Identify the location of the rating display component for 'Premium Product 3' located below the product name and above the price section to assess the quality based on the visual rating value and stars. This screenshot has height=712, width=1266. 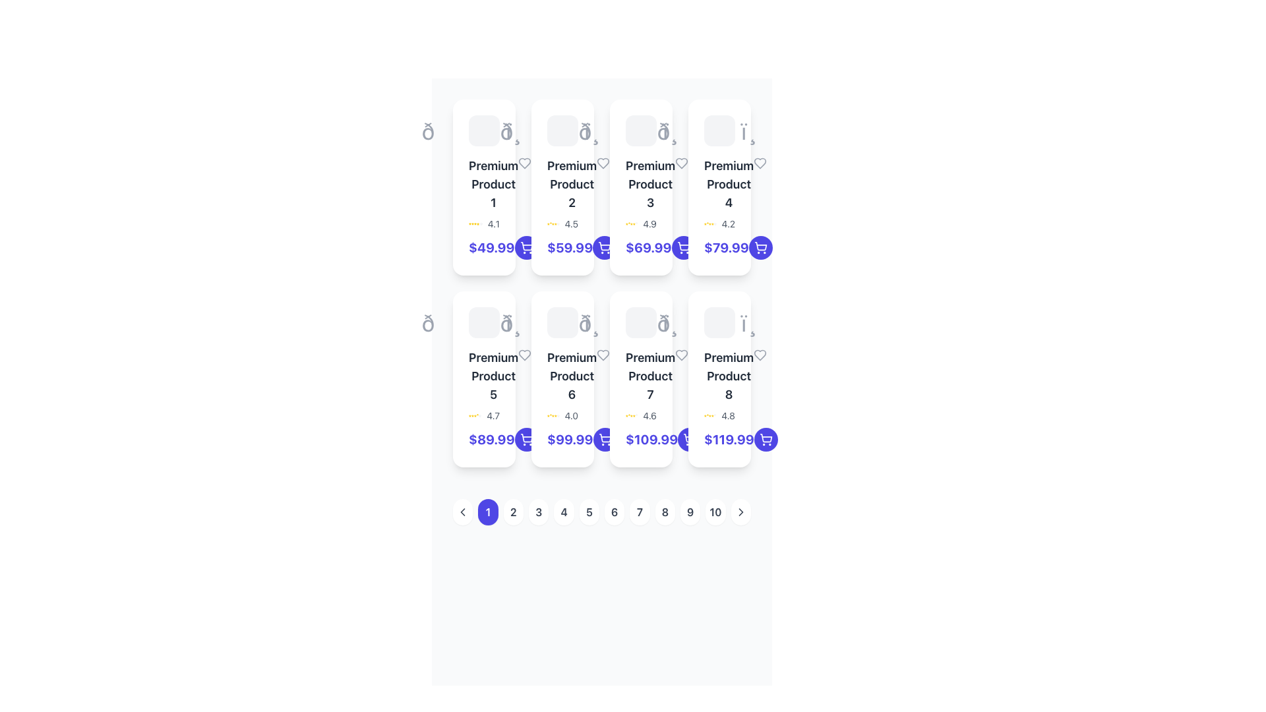
(641, 223).